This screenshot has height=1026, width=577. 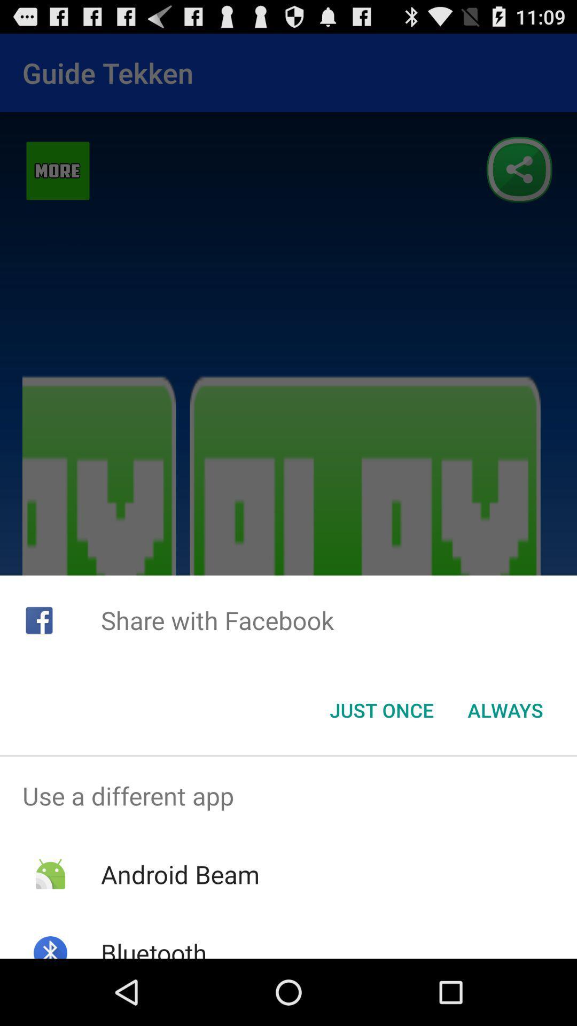 I want to click on item at the bottom right corner, so click(x=505, y=710).